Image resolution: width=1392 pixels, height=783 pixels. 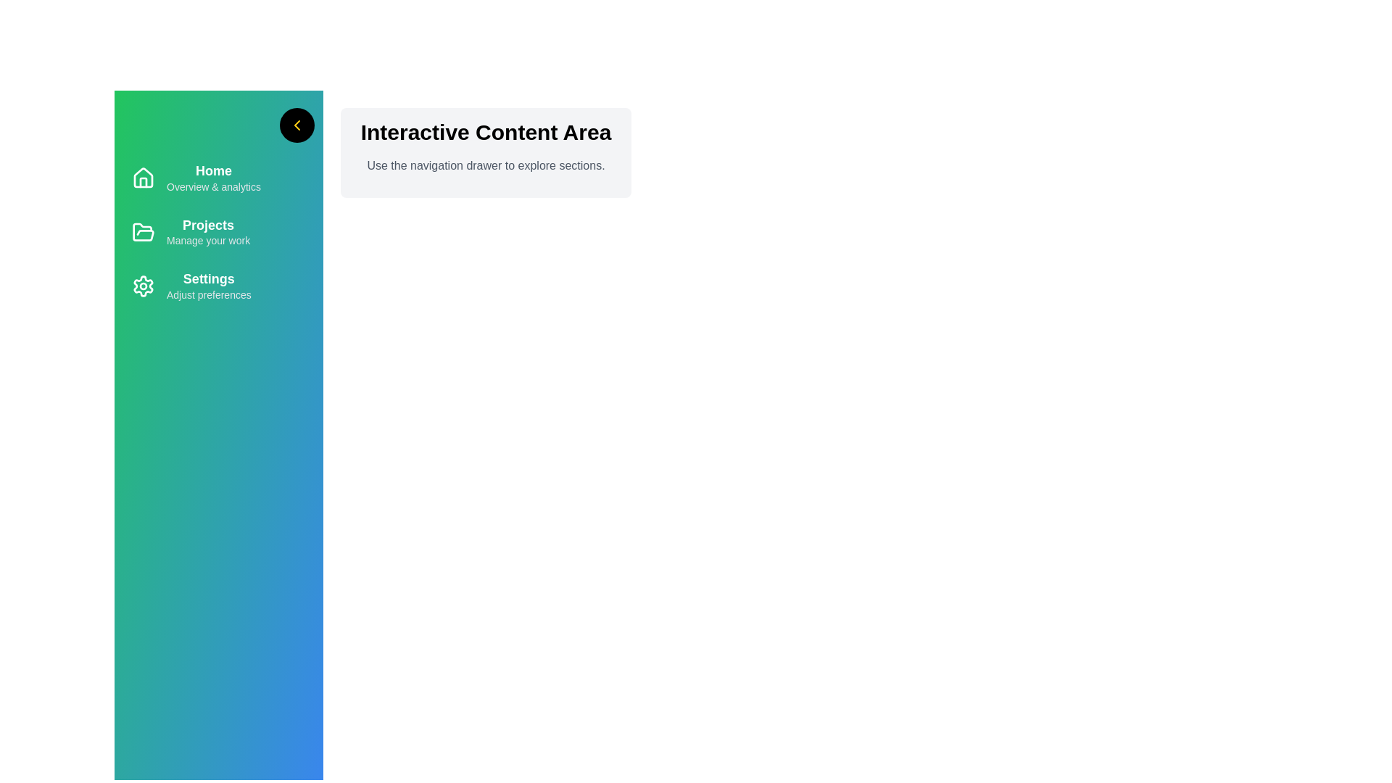 I want to click on the navigation item Settings to navigate to the corresponding section, so click(x=218, y=286).